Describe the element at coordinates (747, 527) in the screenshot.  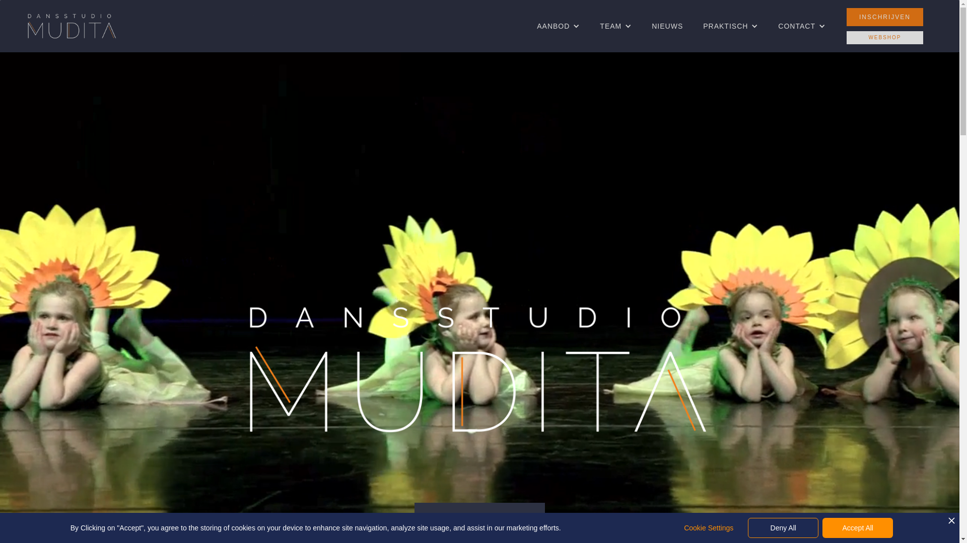
I see `'Deny All'` at that location.